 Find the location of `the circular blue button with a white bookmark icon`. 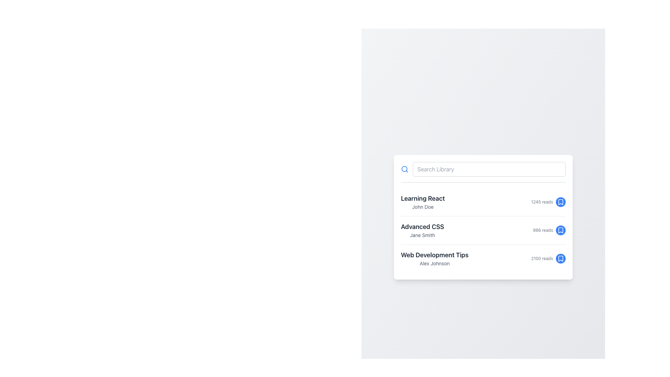

the circular blue button with a white bookmark icon is located at coordinates (561, 202).